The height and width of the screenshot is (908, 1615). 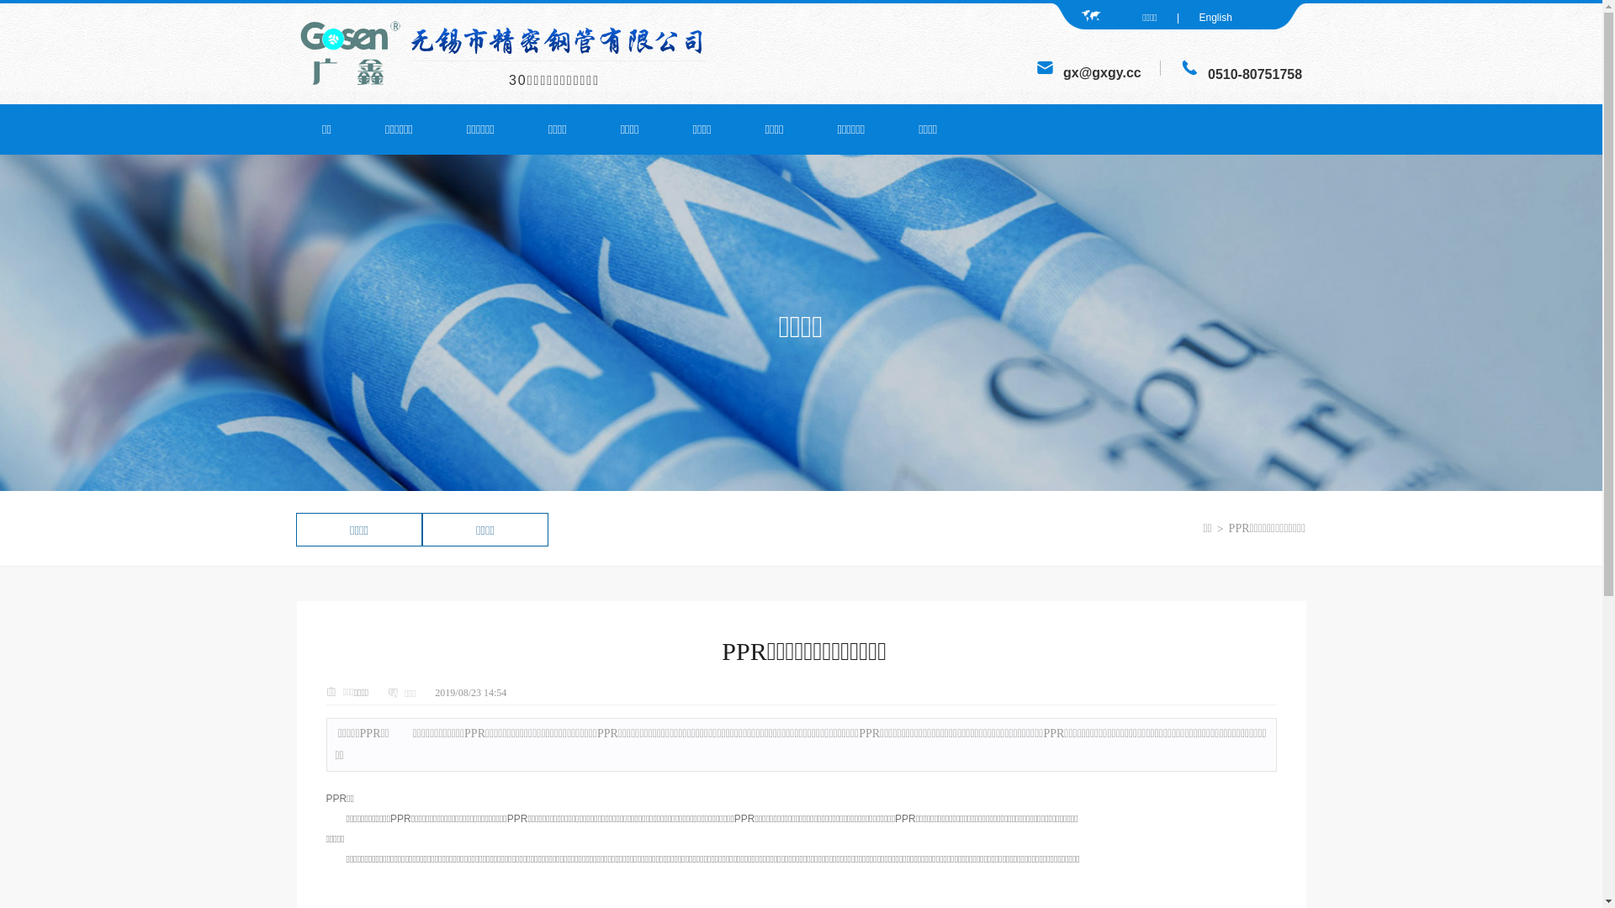 I want to click on 'JM', so click(x=564, y=39).